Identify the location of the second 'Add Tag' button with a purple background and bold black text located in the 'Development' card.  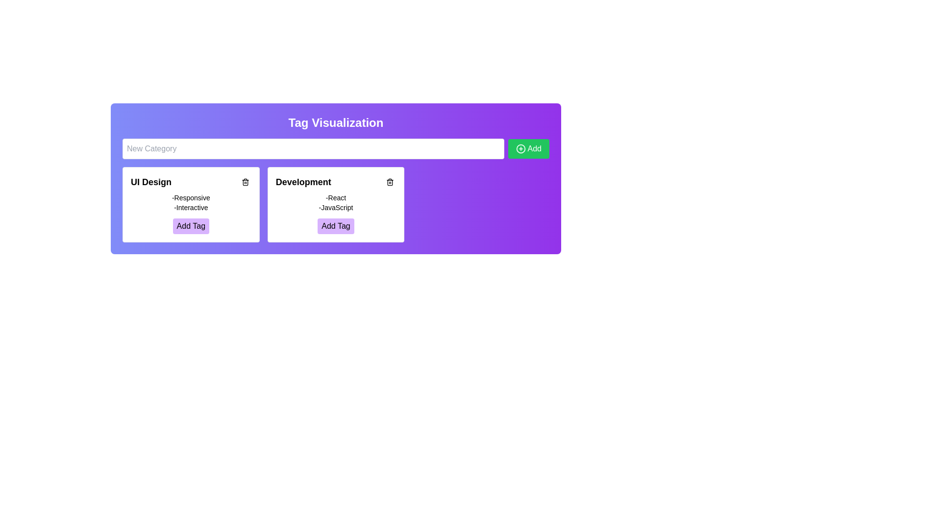
(336, 226).